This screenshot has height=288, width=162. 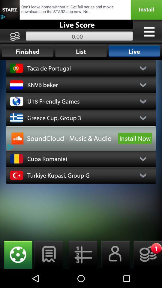 I want to click on profile information, so click(x=113, y=254).